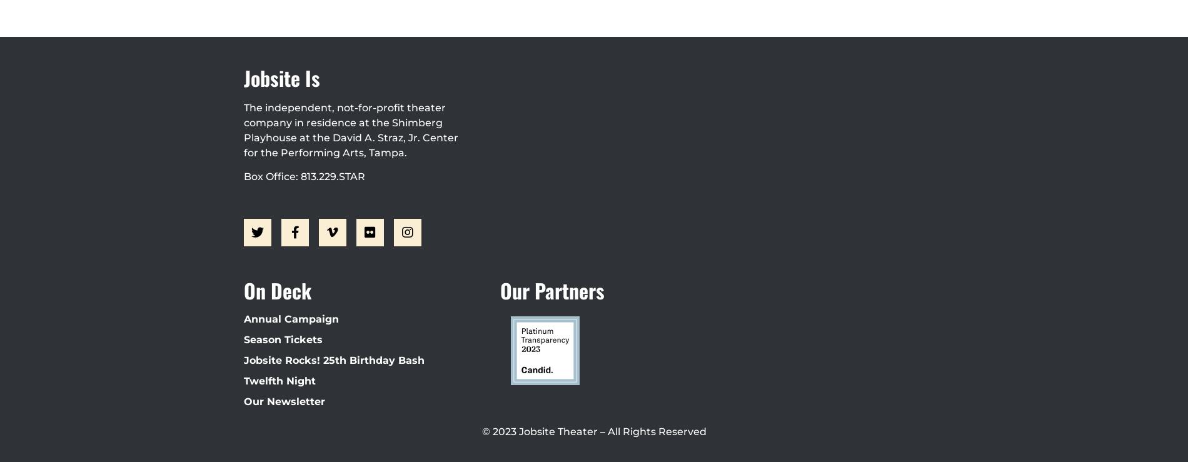  I want to click on 'Jobsite Is', so click(281, 77).